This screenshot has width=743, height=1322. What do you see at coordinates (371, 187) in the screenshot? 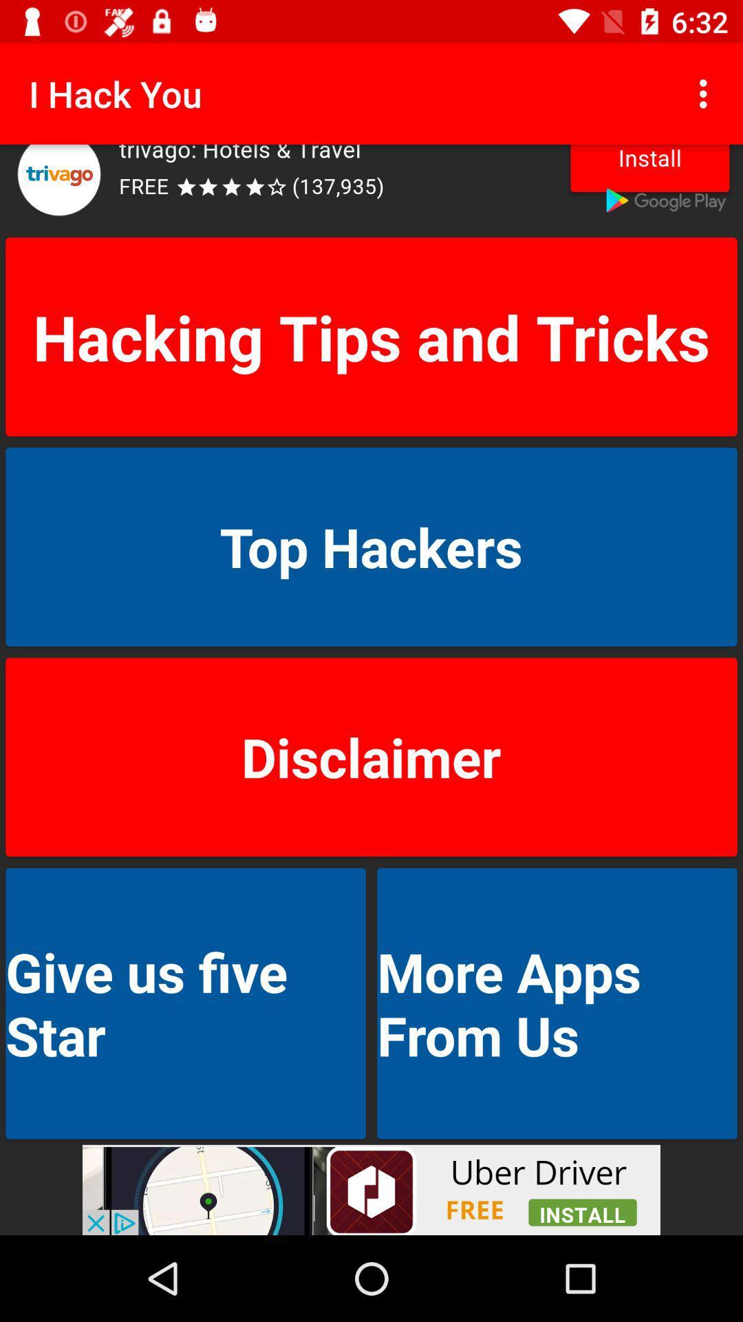
I see `advertisement` at bounding box center [371, 187].